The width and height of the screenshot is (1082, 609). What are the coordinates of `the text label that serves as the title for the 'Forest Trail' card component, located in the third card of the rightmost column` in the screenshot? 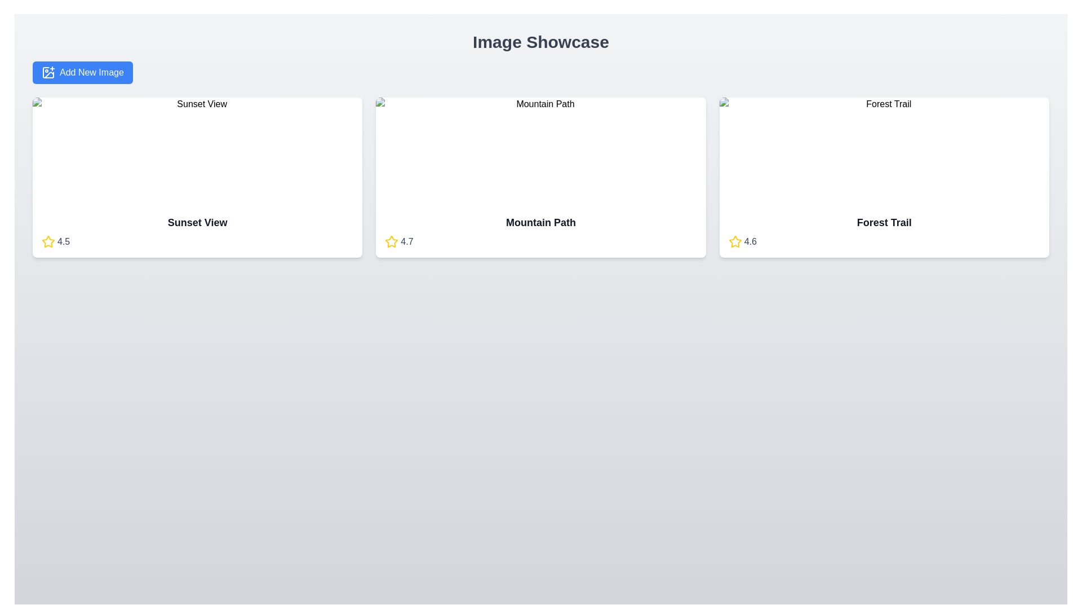 It's located at (884, 222).